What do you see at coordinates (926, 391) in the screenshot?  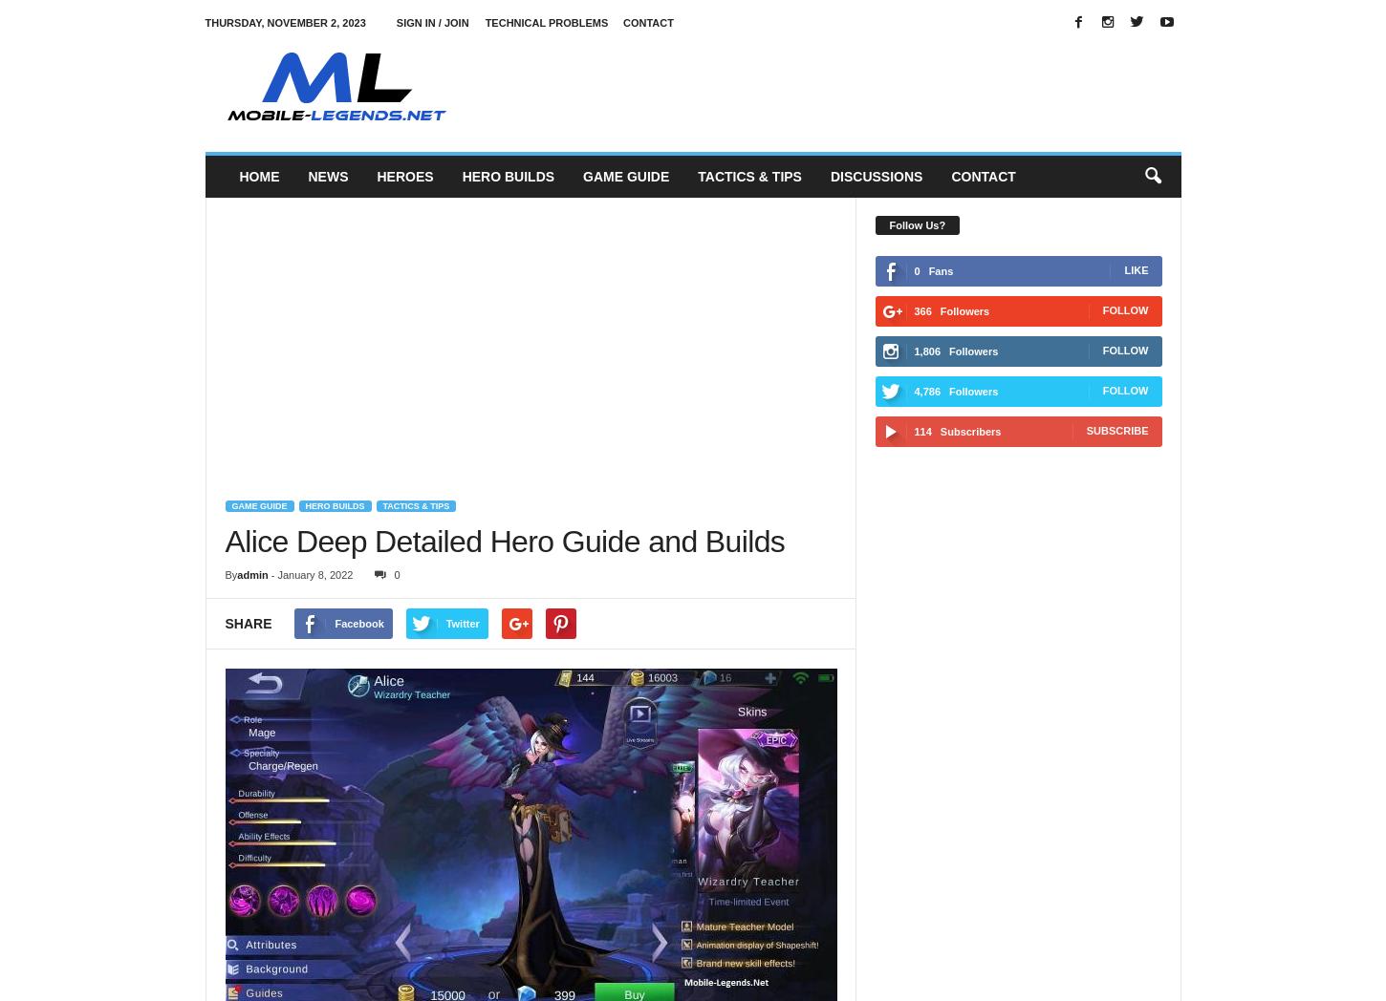 I see `'4,786'` at bounding box center [926, 391].